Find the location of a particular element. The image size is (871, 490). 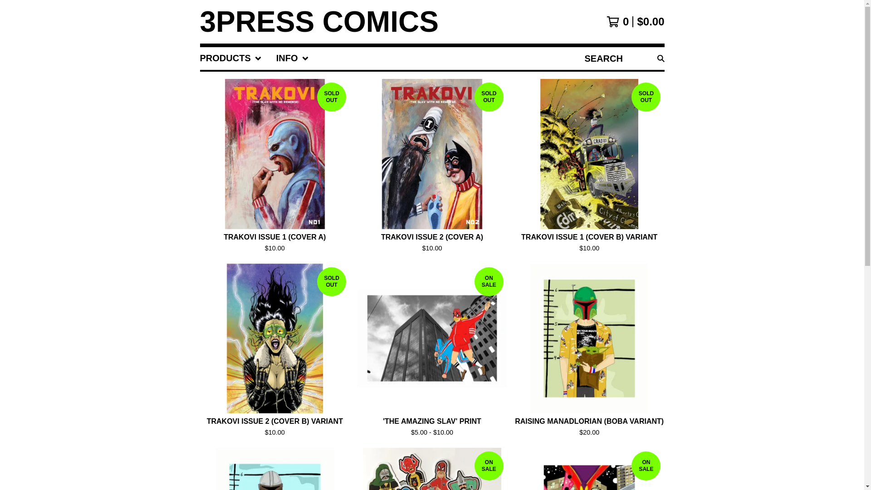

'SOLD OUT is located at coordinates (589, 167).